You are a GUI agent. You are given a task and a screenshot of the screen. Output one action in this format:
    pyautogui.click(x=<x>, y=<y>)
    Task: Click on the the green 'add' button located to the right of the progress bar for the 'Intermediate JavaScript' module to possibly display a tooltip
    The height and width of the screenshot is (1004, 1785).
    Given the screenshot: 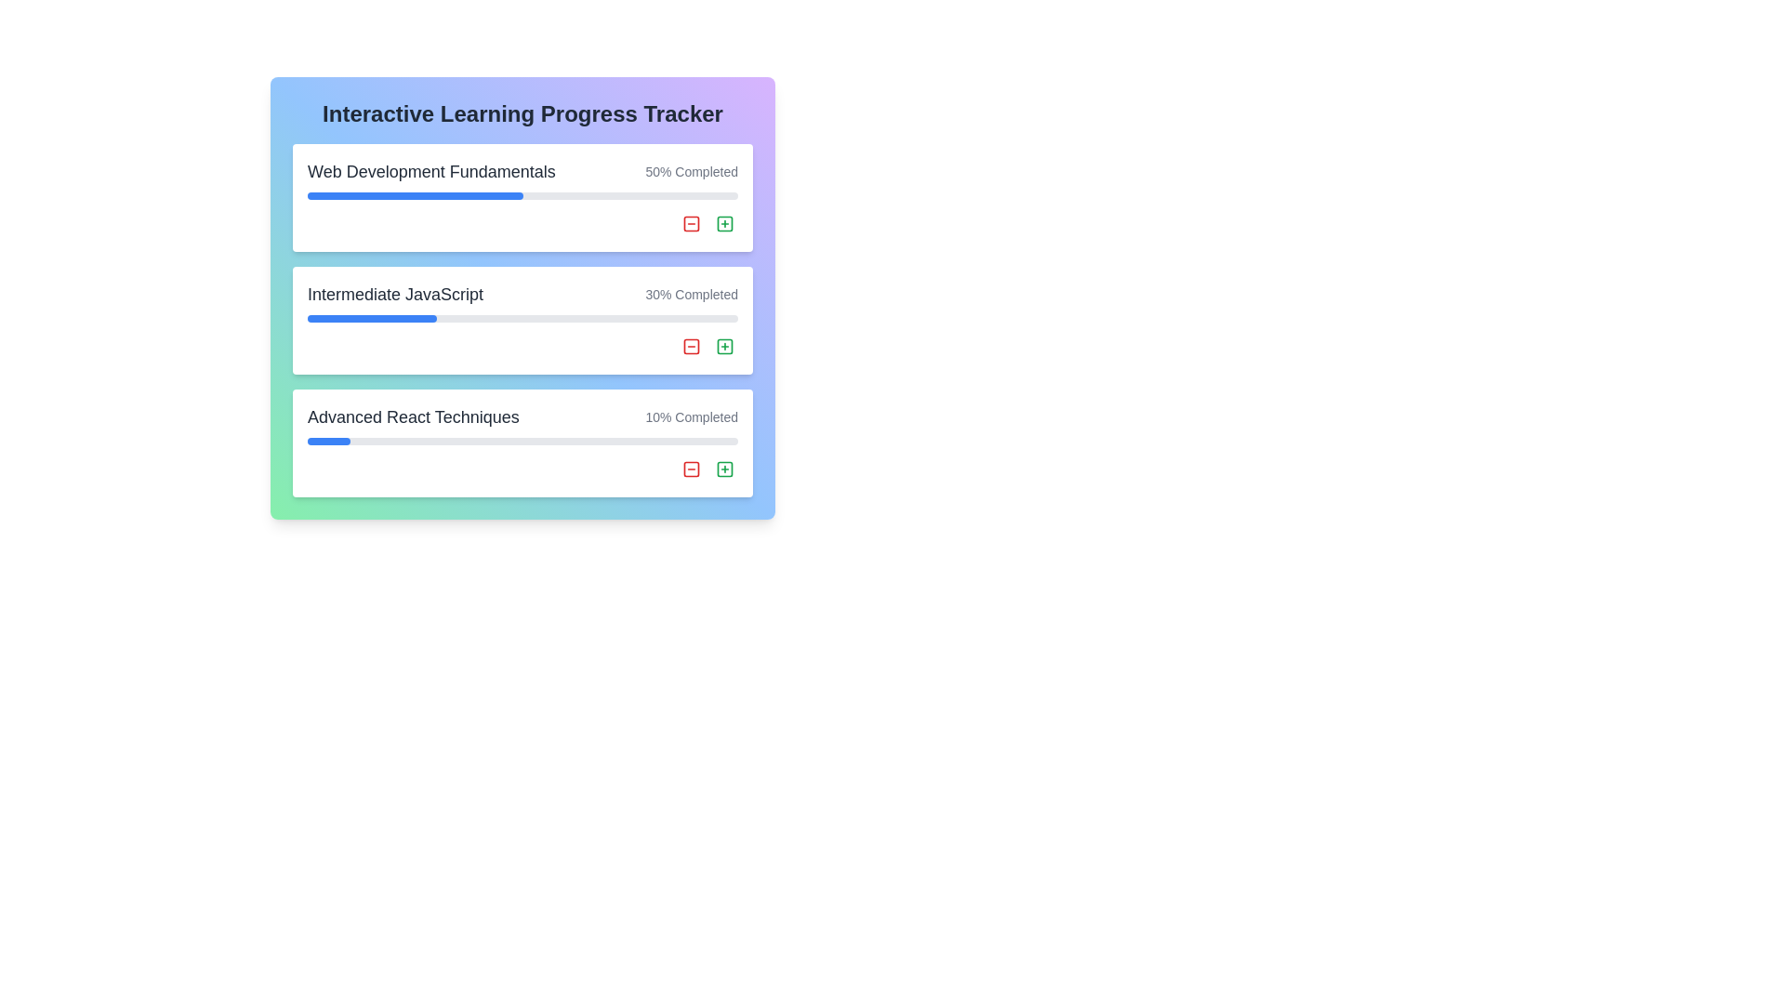 What is the action you would take?
    pyautogui.click(x=723, y=347)
    